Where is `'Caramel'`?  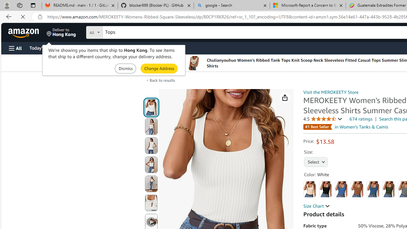
'Caramel' is located at coordinates (357, 189).